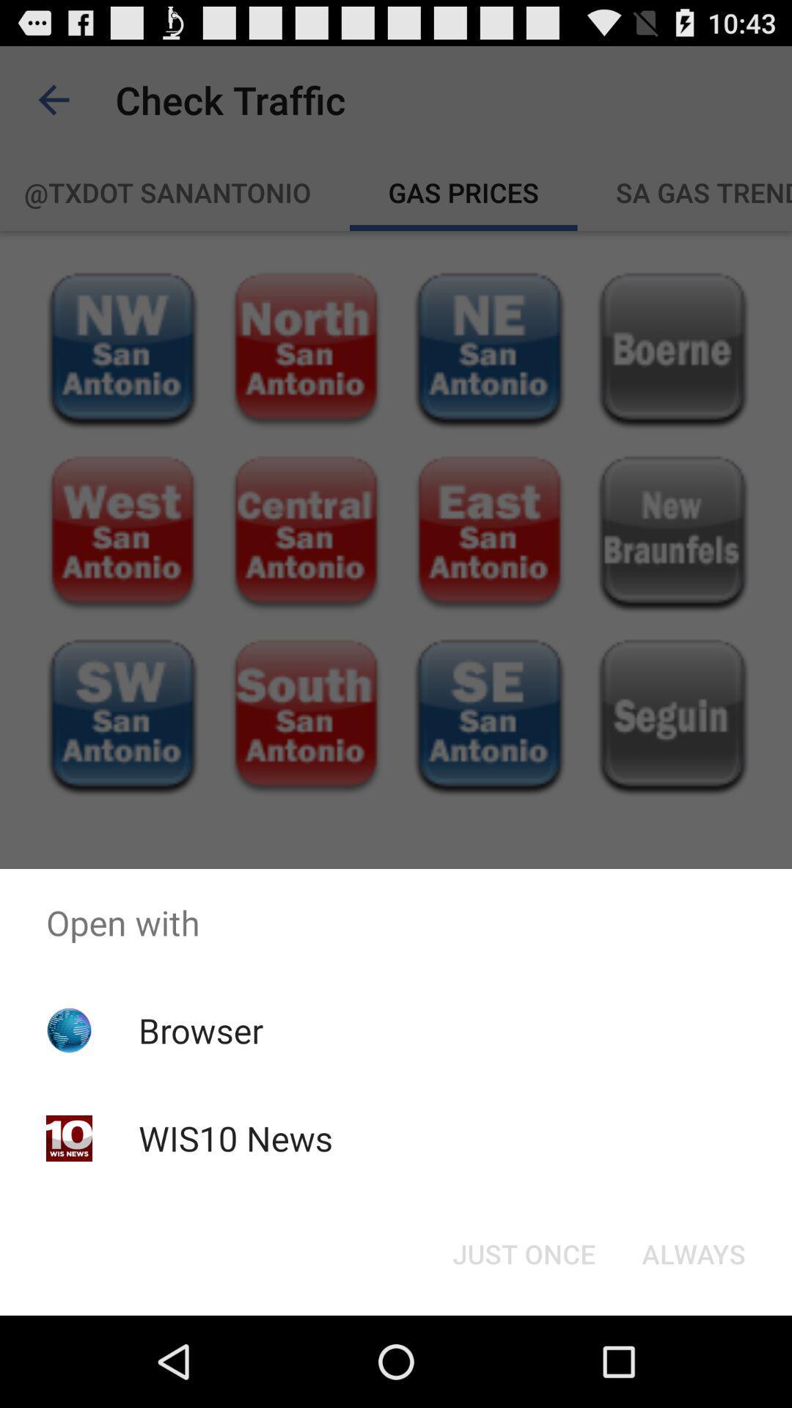  I want to click on button next to always icon, so click(523, 1253).